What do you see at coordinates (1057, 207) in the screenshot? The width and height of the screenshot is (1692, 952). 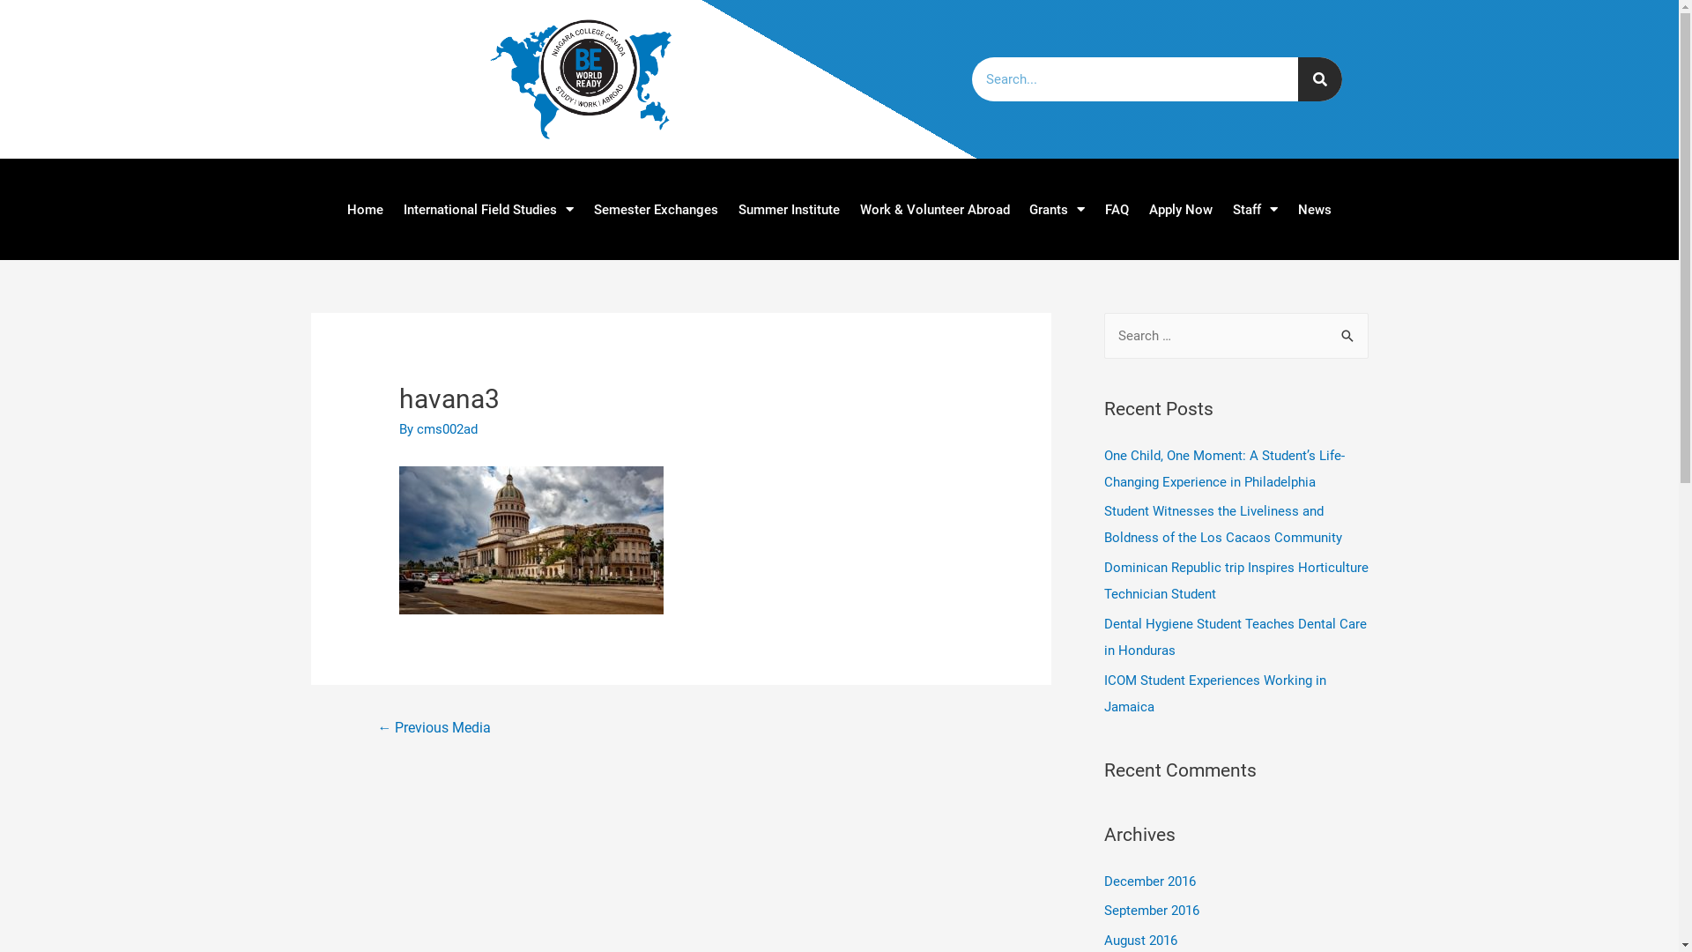 I see `'Grants'` at bounding box center [1057, 207].